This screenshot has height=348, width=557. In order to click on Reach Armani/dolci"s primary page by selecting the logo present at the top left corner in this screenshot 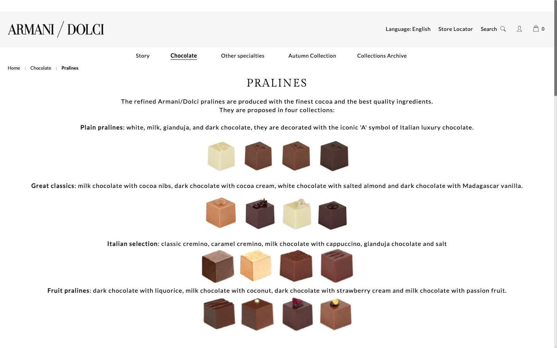, I will do `click(56, 29)`.